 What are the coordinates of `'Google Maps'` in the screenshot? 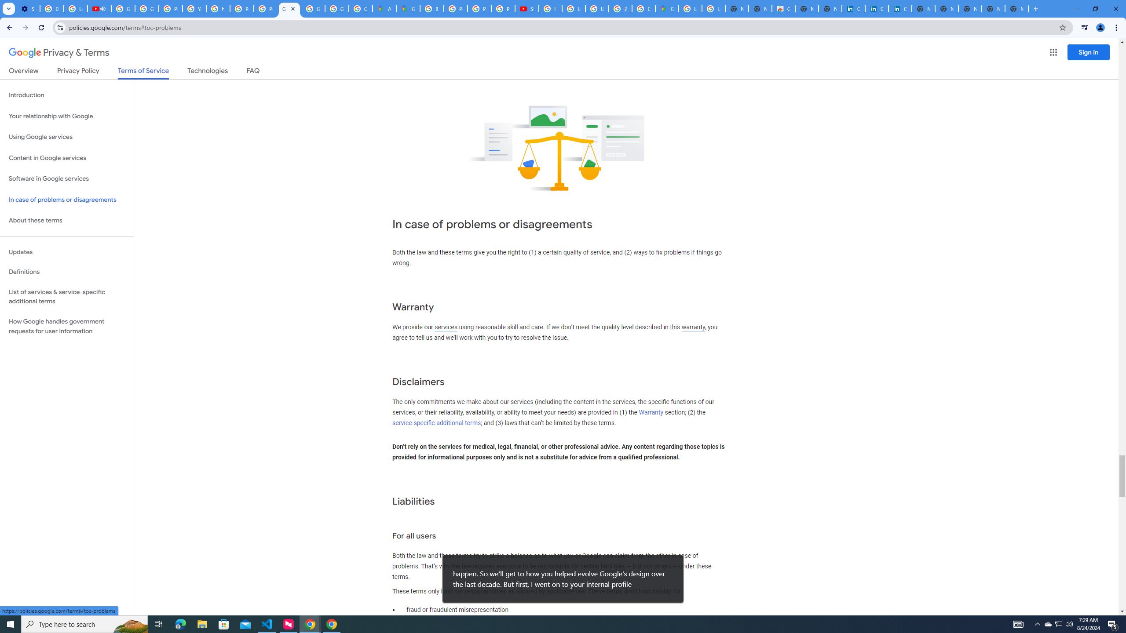 It's located at (408, 8).